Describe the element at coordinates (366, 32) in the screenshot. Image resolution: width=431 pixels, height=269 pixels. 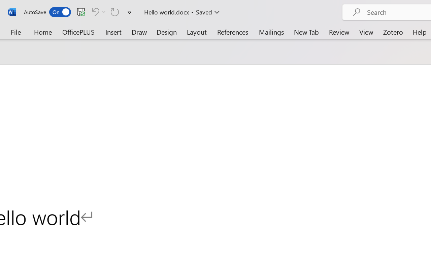
I see `'View'` at that location.